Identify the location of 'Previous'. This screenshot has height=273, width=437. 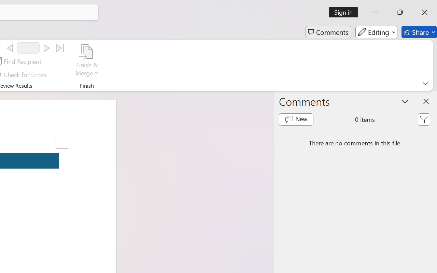
(10, 48).